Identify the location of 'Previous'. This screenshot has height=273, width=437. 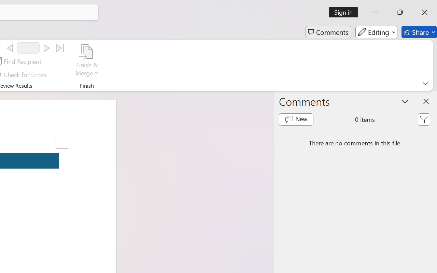
(10, 48).